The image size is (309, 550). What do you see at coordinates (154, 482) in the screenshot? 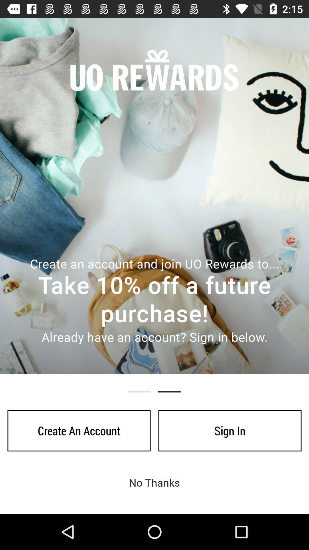
I see `icon below the create an account icon` at bounding box center [154, 482].